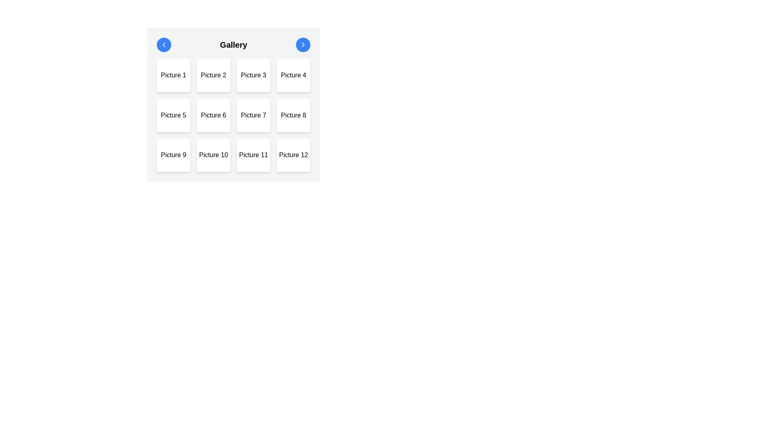 This screenshot has width=770, height=433. I want to click on the left-pointing chevron icon located inside the left circular button at the top-left corner of the gallery interface, so click(163, 45).